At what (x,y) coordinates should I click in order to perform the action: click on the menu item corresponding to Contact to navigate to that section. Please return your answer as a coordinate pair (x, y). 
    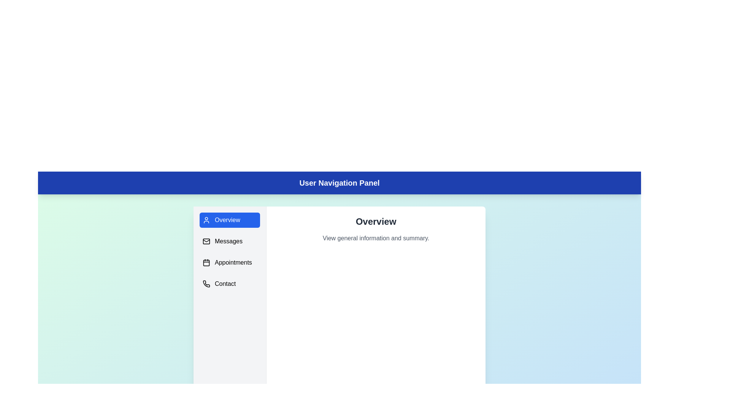
    Looking at the image, I should click on (229, 284).